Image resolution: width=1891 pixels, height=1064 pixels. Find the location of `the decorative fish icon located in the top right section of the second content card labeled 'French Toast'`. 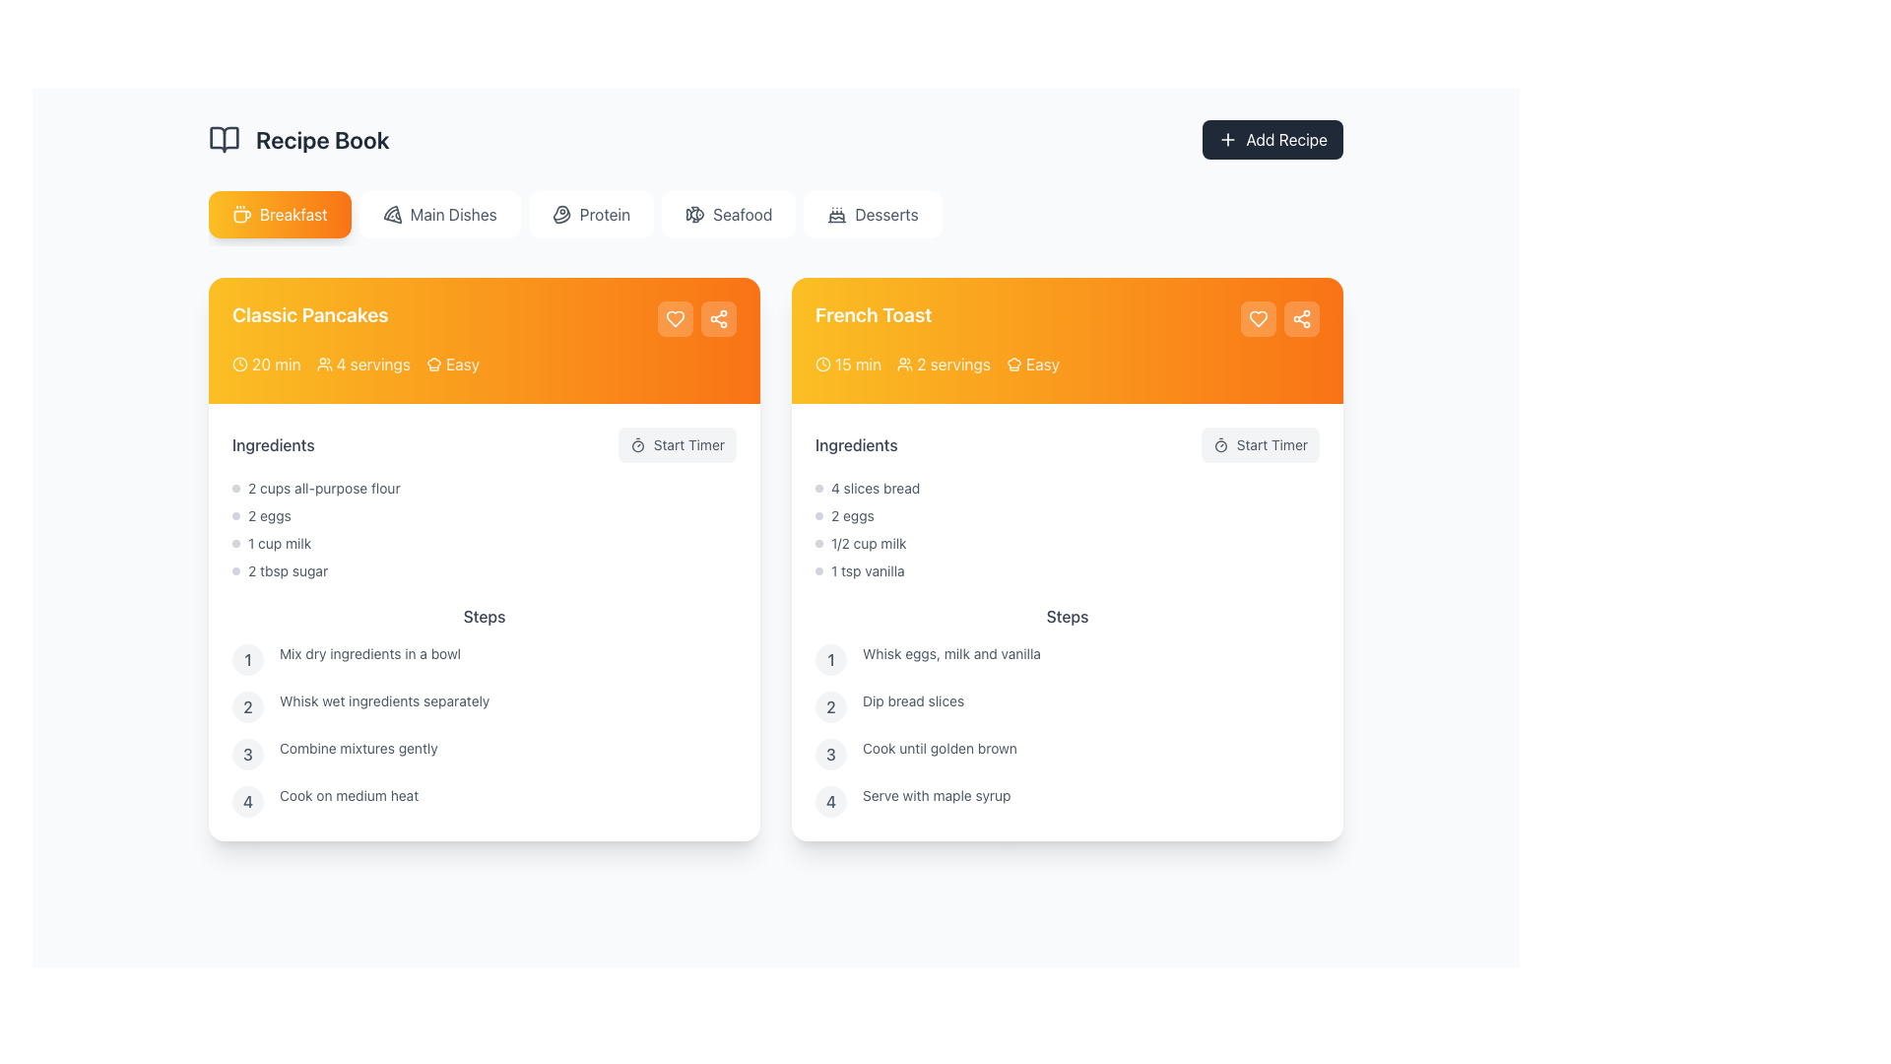

the decorative fish icon located in the top right section of the second content card labeled 'French Toast' is located at coordinates (697, 215).